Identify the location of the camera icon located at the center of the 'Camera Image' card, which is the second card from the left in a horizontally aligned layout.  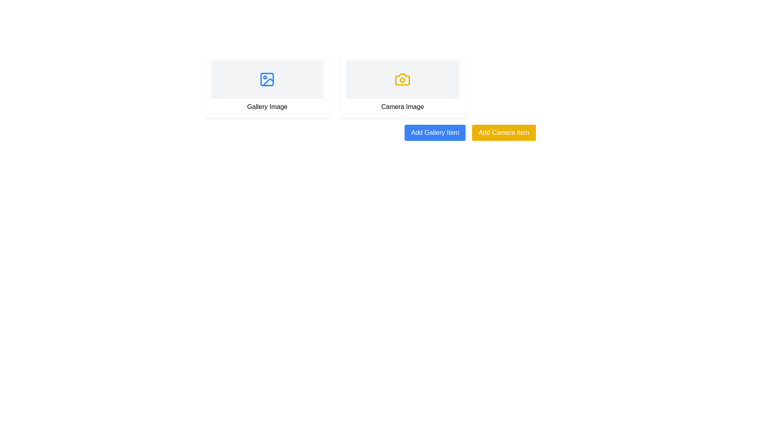
(403, 79).